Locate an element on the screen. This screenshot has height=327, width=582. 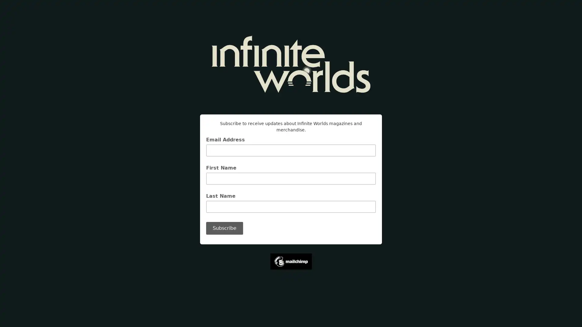
Subscribe is located at coordinates (224, 228).